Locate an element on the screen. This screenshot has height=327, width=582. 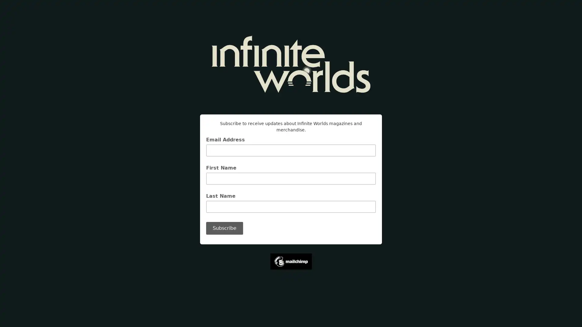
Subscribe is located at coordinates (224, 228).